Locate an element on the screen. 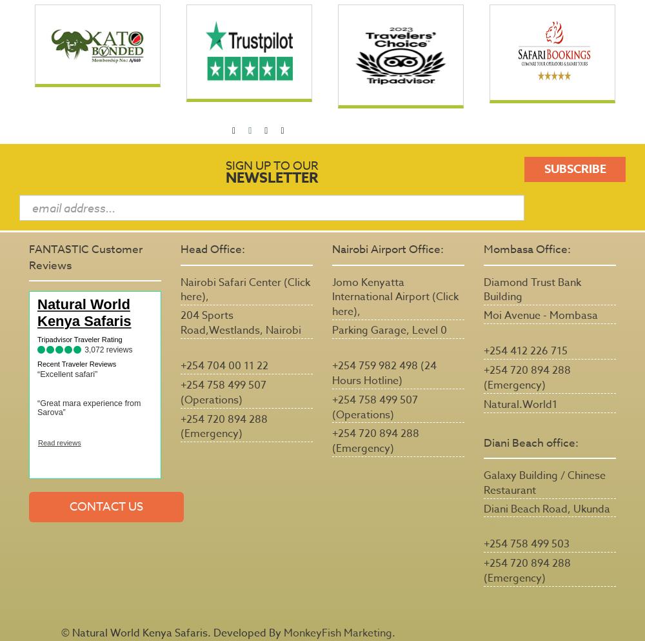 The height and width of the screenshot is (641, 645). '© Natural World Kenya Safaris. Developed By' is located at coordinates (61, 632).